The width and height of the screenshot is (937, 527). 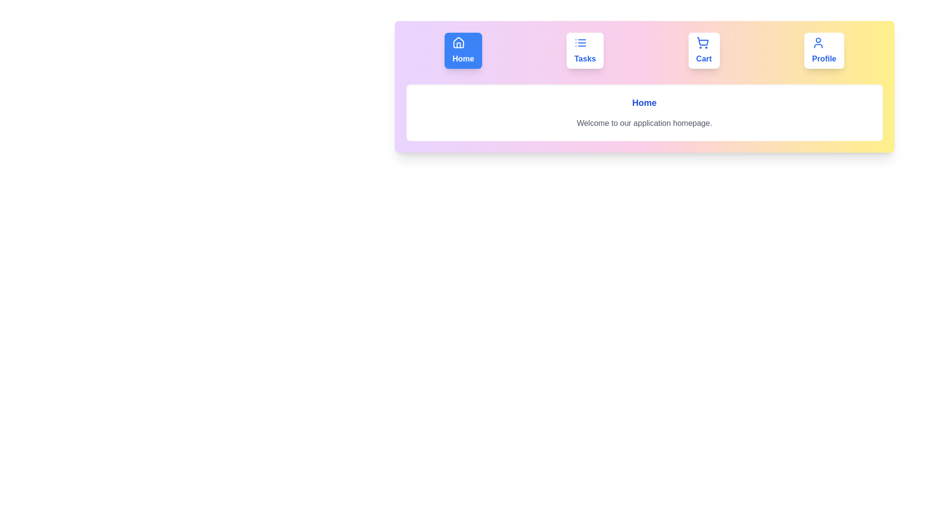 I want to click on the tab labeled 'Cart', so click(x=704, y=51).